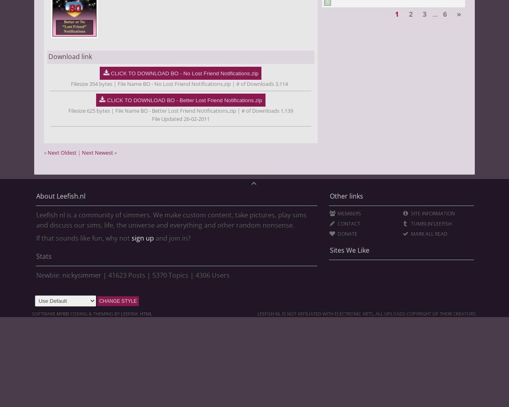 Image resolution: width=509 pixels, height=407 pixels. Describe the element at coordinates (43, 256) in the screenshot. I see `'Stats'` at that location.